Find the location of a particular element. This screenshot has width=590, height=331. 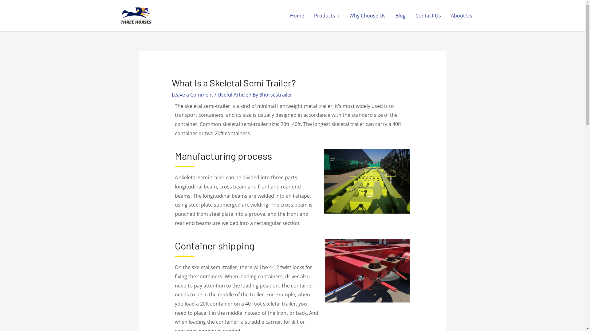

'Blog' is located at coordinates (400, 15).